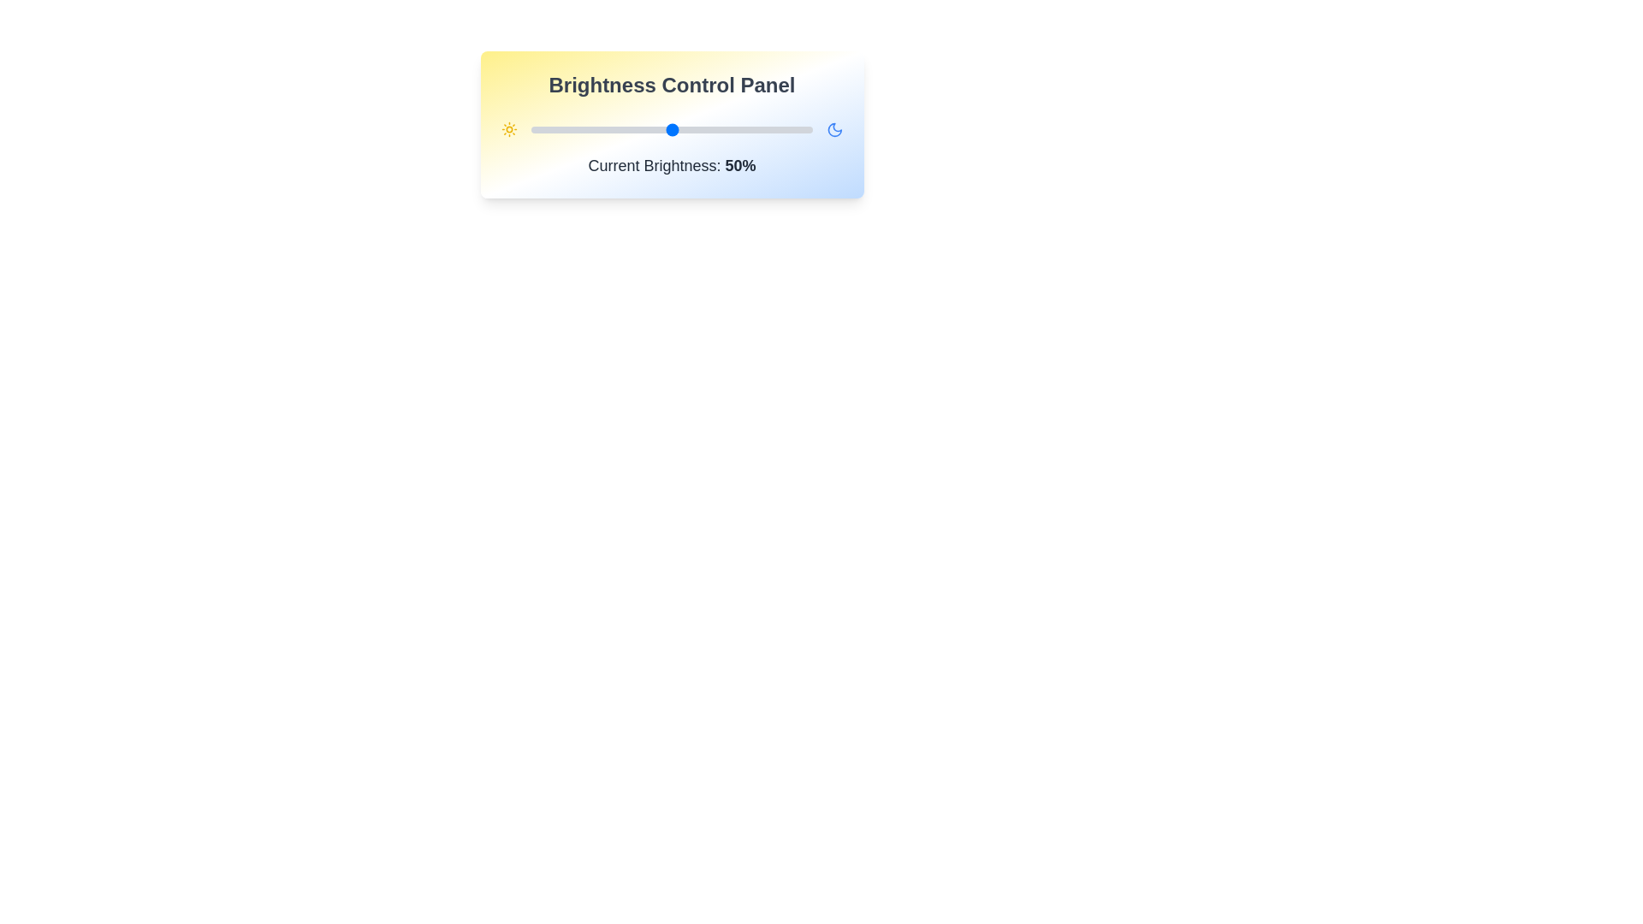 The width and height of the screenshot is (1643, 924). Describe the element at coordinates (584, 128) in the screenshot. I see `the brightness level` at that location.